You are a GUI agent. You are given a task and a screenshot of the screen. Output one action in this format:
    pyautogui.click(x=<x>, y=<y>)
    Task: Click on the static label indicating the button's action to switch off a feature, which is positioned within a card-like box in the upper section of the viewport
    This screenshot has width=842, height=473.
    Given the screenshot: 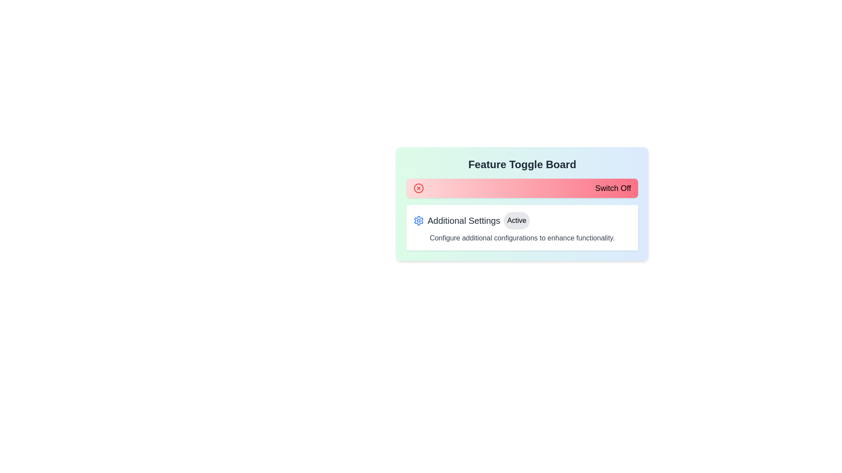 What is the action you would take?
    pyautogui.click(x=613, y=187)
    